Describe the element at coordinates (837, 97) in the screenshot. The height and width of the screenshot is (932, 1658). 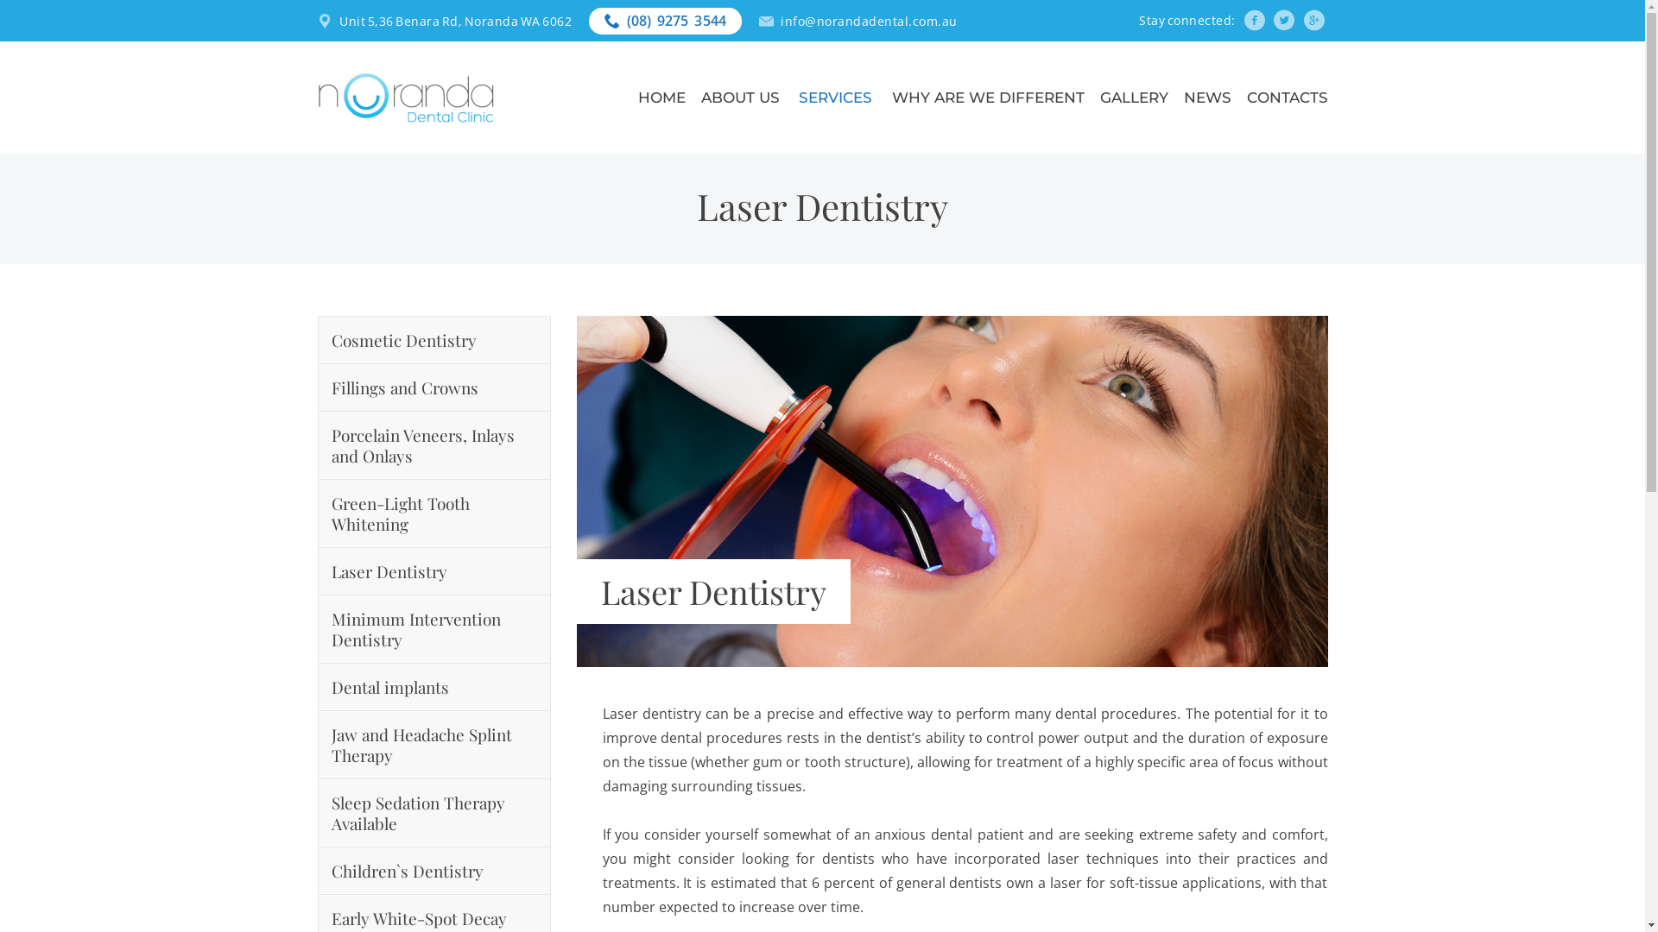
I see `'SERVICES'` at that location.